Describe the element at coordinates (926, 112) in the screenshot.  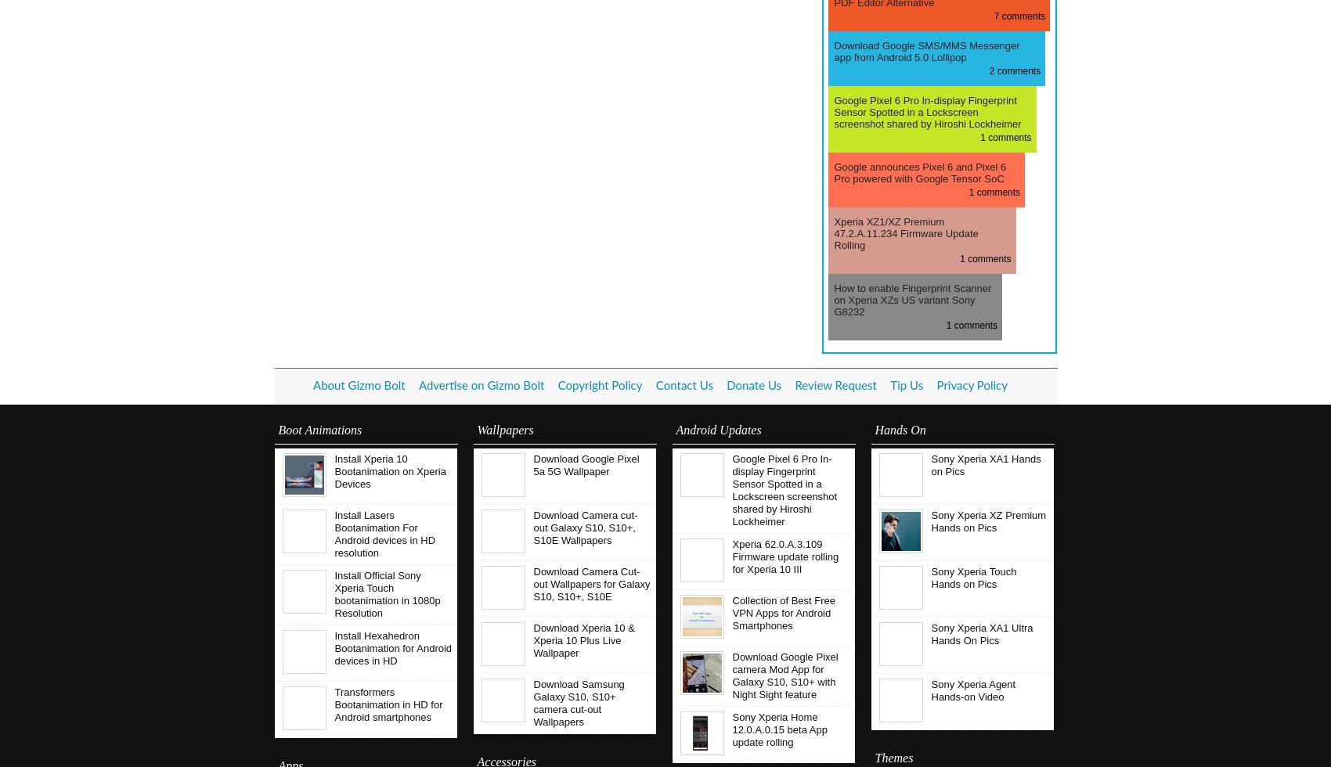
I see `'Google Pixel 6 Pro In-display Fingerprint Sensor Spotted in a Lockscreen screenshot shared by Hiroshi Lockheimer'` at that location.